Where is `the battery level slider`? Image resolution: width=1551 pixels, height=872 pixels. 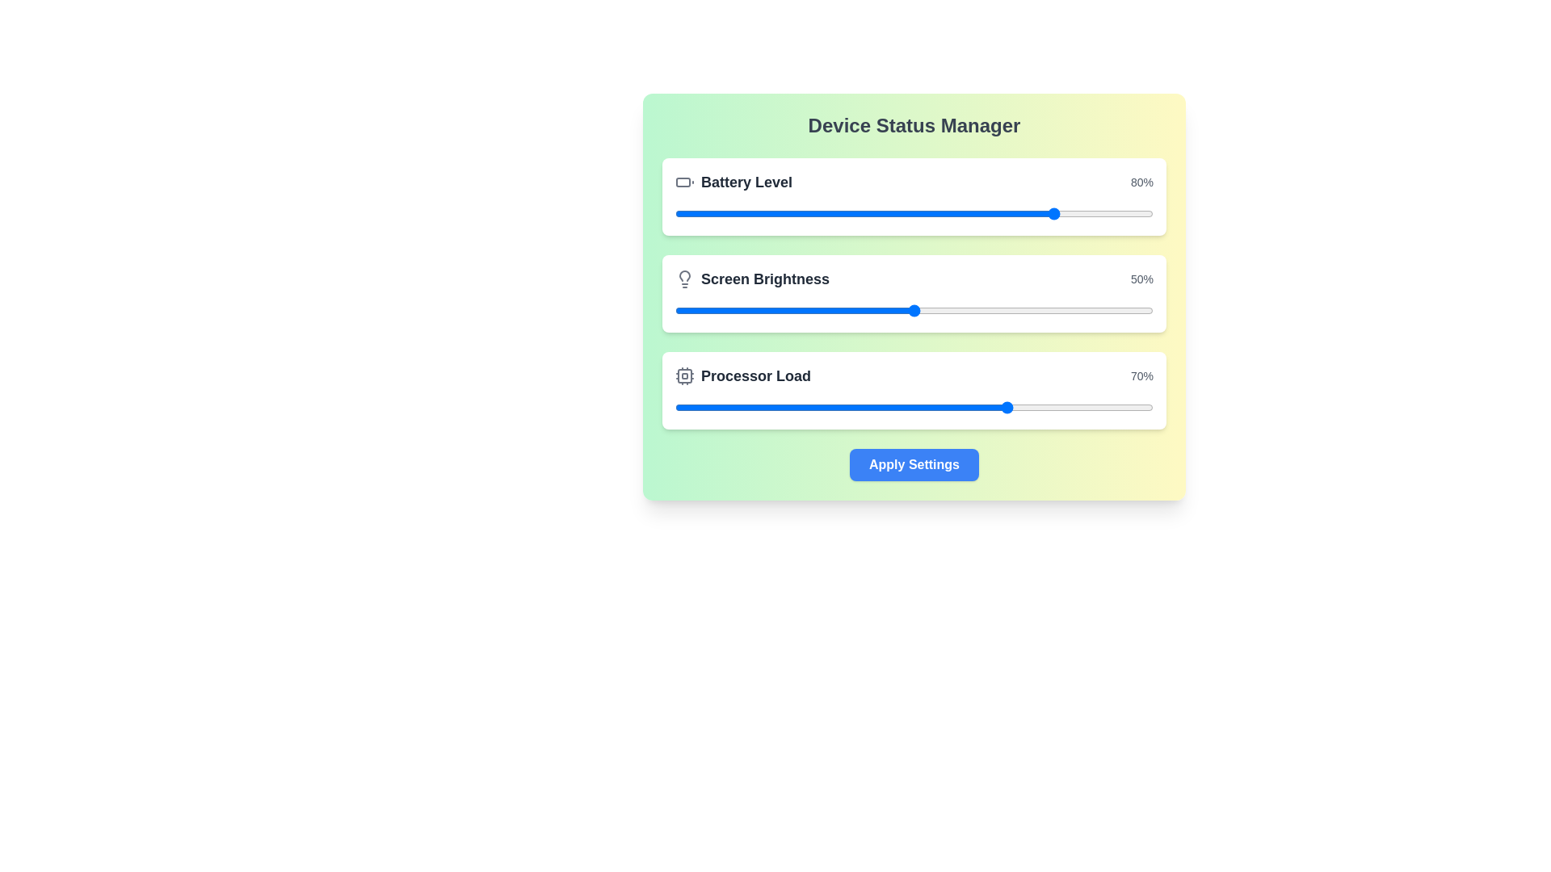
the battery level slider is located at coordinates (1004, 213).